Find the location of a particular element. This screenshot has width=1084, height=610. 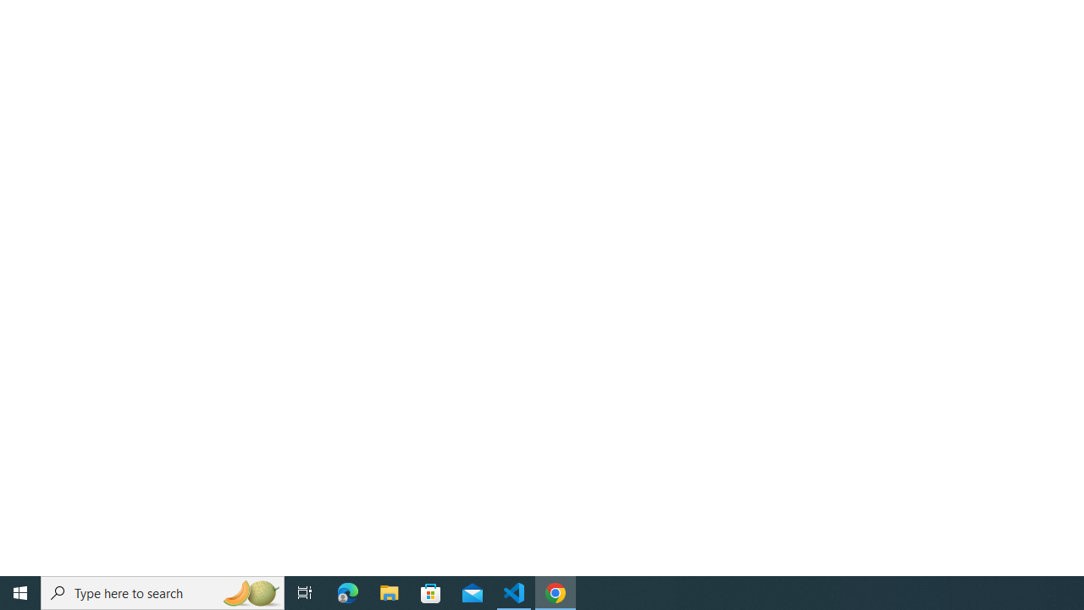

'Search highlights icon opens search home window' is located at coordinates (249, 591).